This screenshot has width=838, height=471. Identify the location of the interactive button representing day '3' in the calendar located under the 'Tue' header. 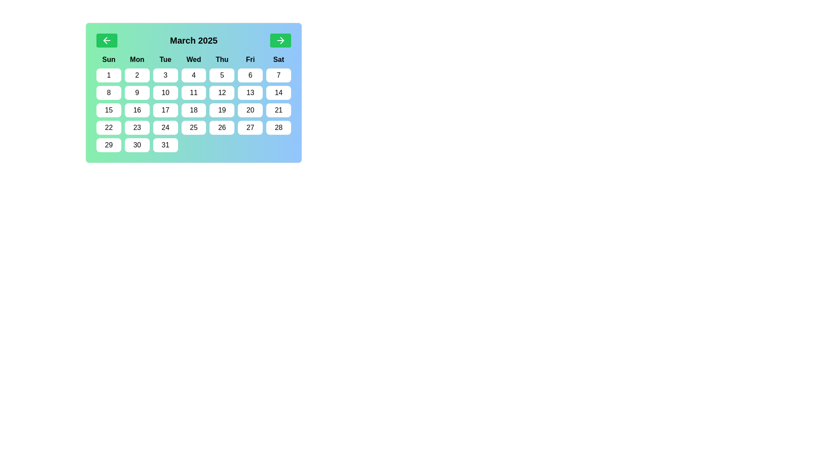
(165, 75).